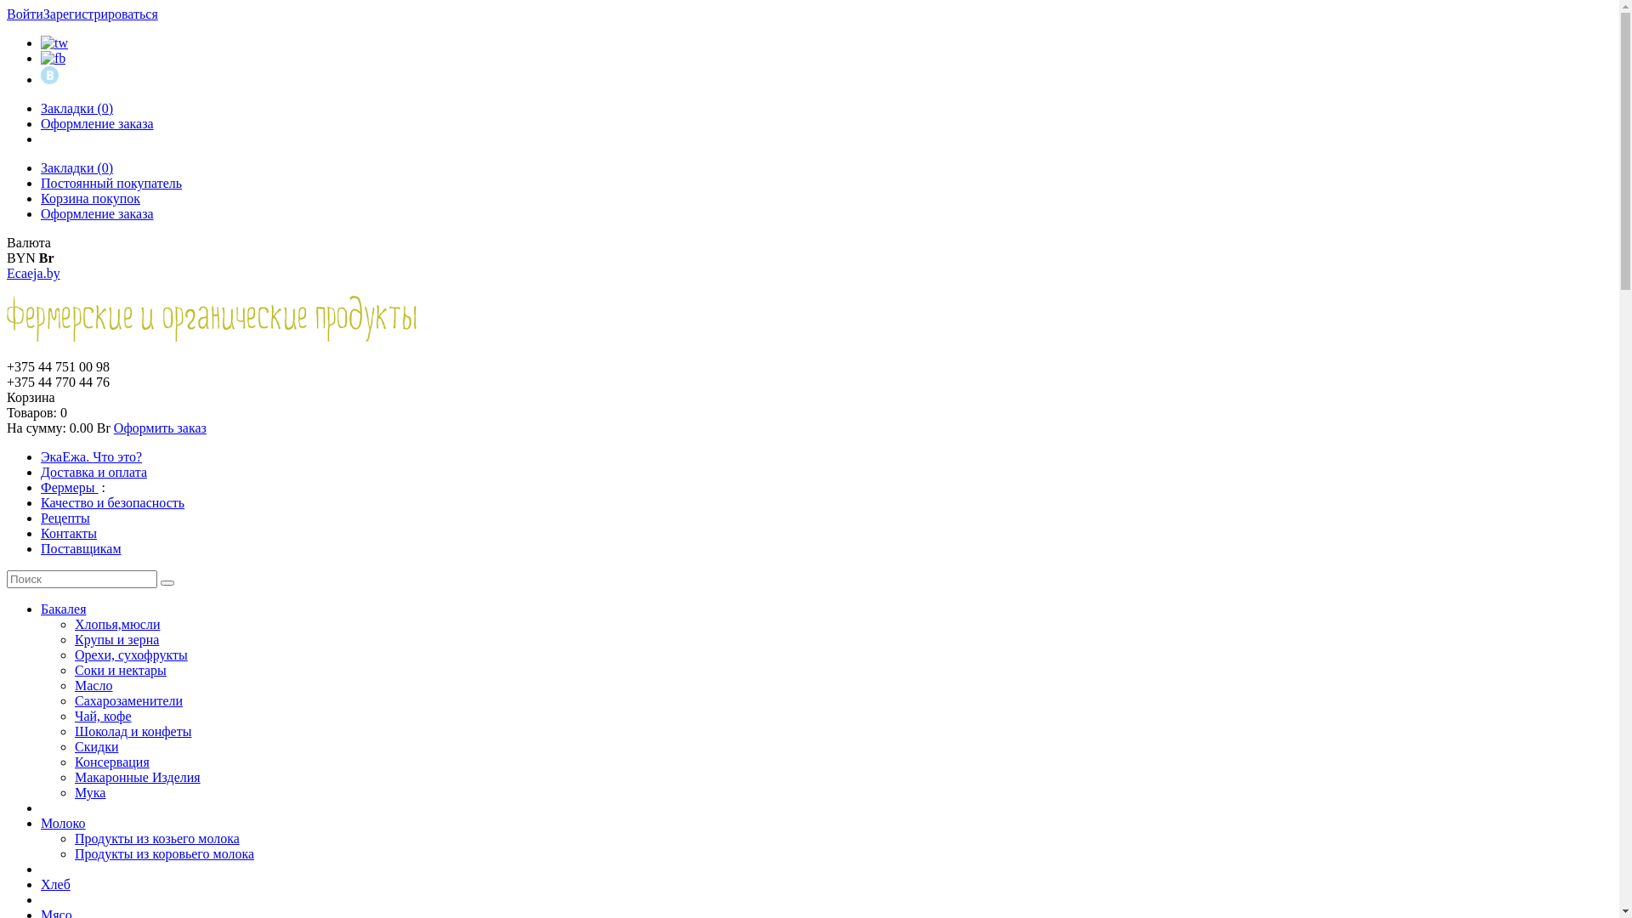 This screenshot has height=918, width=1632. What do you see at coordinates (7, 272) in the screenshot?
I see `'Ecaeja.by'` at bounding box center [7, 272].